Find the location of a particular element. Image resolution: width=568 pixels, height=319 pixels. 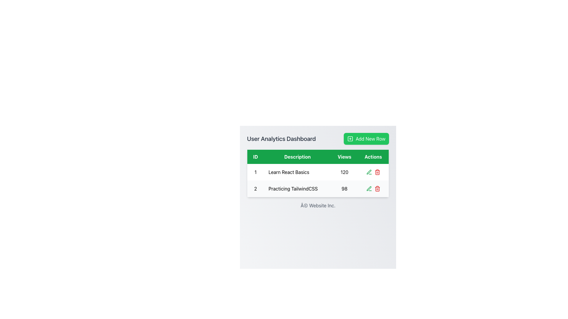

the edit icon button located in the 'Actions' column of the second row of the data table is located at coordinates (369, 189).